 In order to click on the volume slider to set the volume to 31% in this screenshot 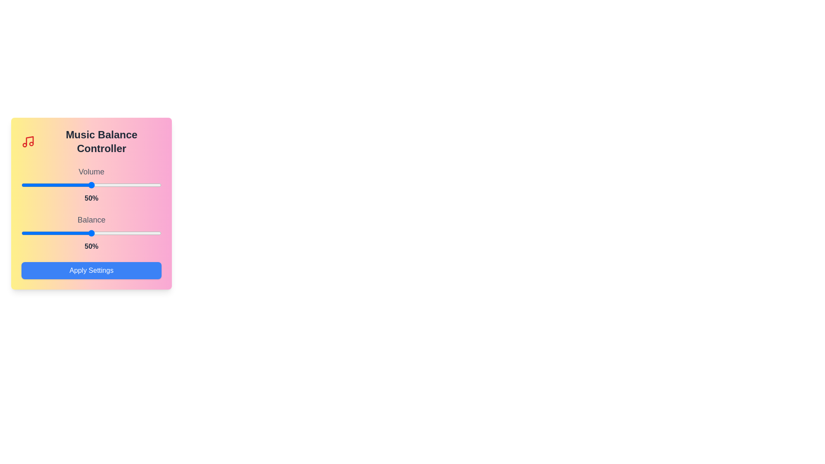, I will do `click(64, 185)`.